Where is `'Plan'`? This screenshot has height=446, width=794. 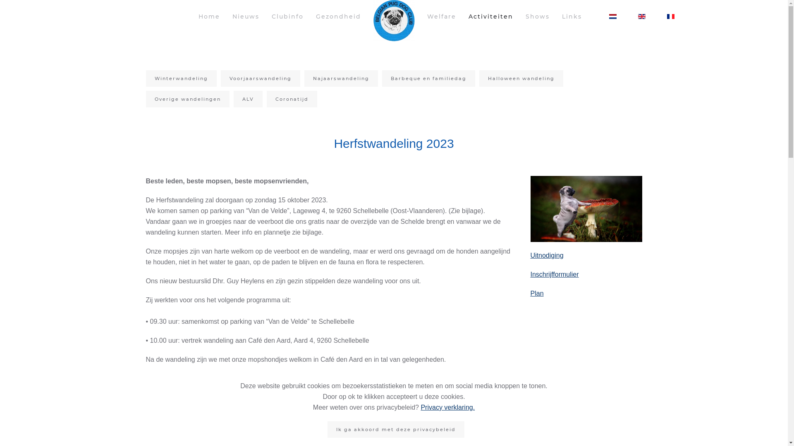
'Plan' is located at coordinates (536, 293).